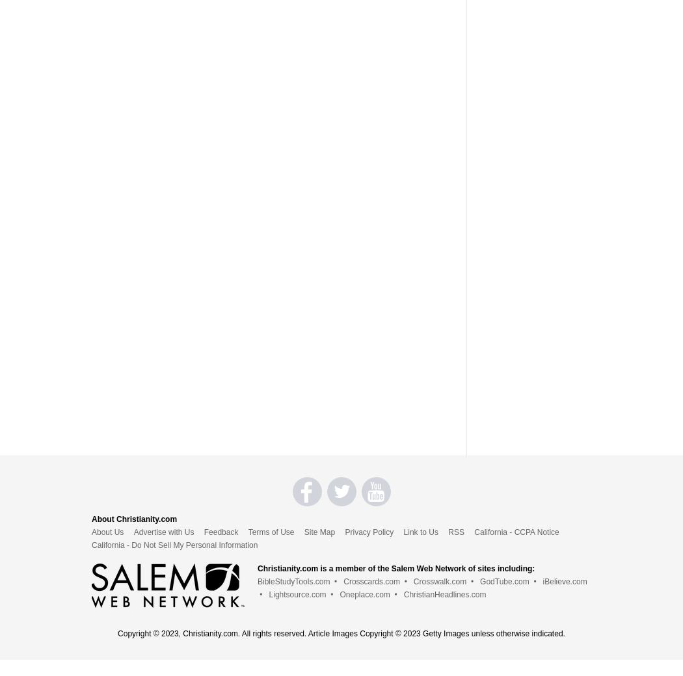 This screenshot has height=676, width=683. What do you see at coordinates (368, 530) in the screenshot?
I see `'Privacy Policy'` at bounding box center [368, 530].